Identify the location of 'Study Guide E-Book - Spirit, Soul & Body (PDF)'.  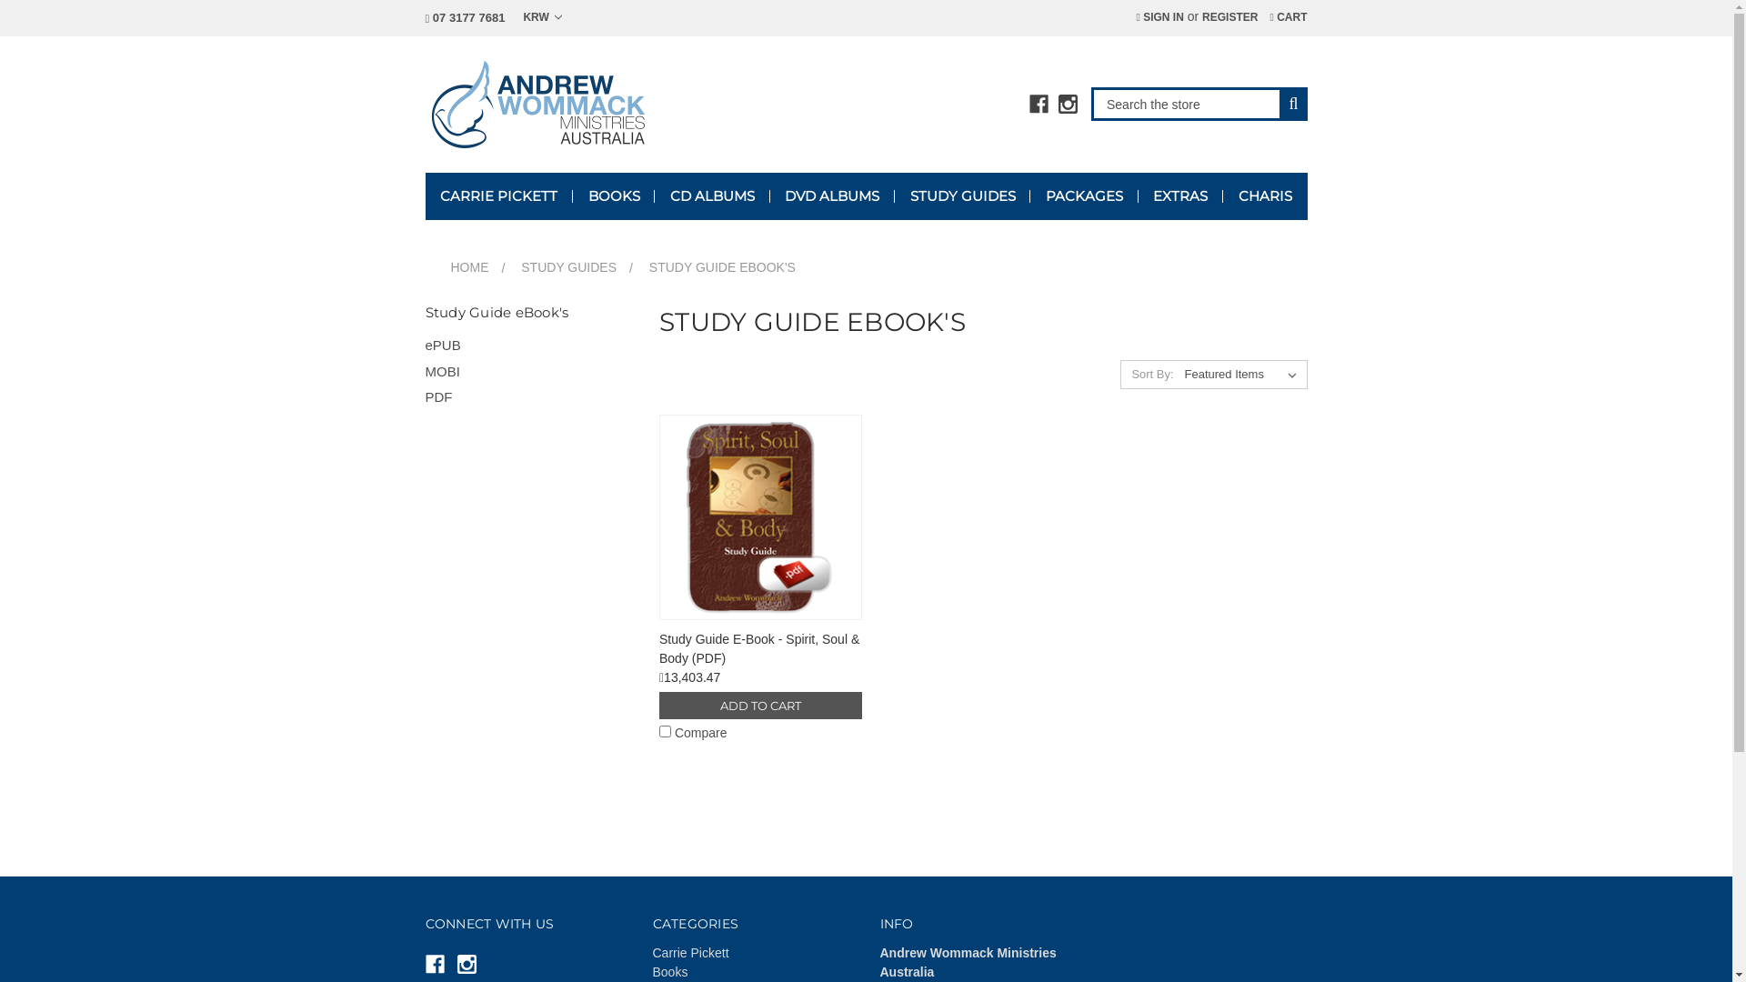
(760, 517).